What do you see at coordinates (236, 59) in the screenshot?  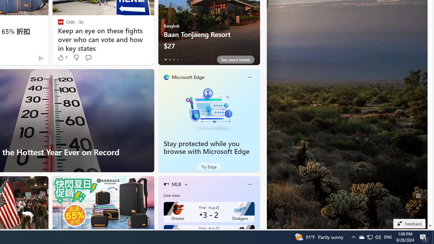 I see `'See more hotels'` at bounding box center [236, 59].